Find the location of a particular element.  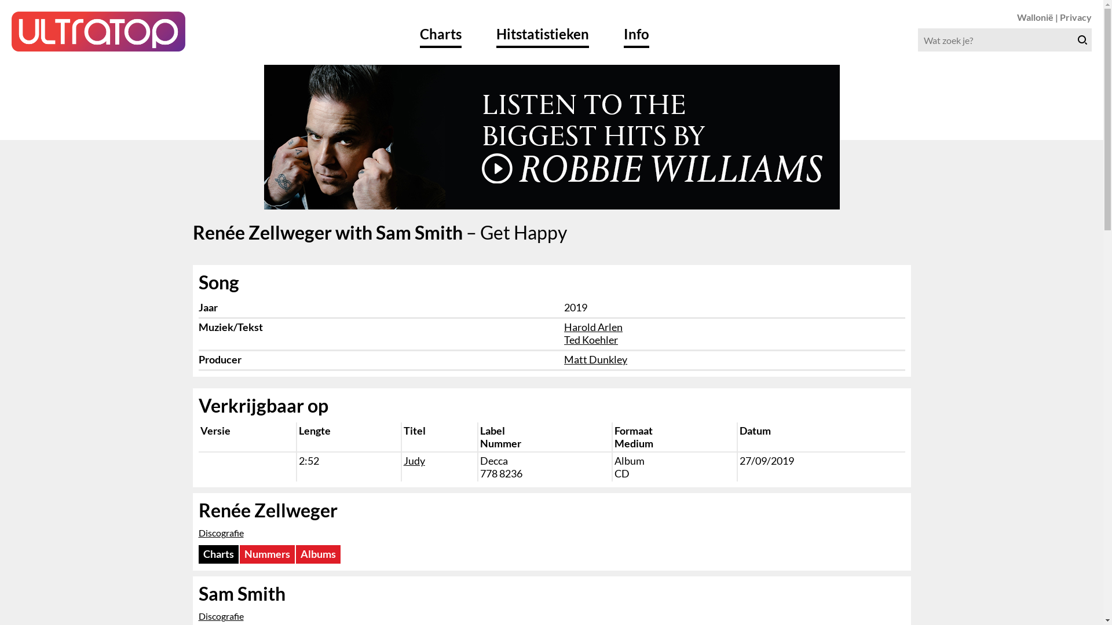

'Discografie' is located at coordinates (220, 615).